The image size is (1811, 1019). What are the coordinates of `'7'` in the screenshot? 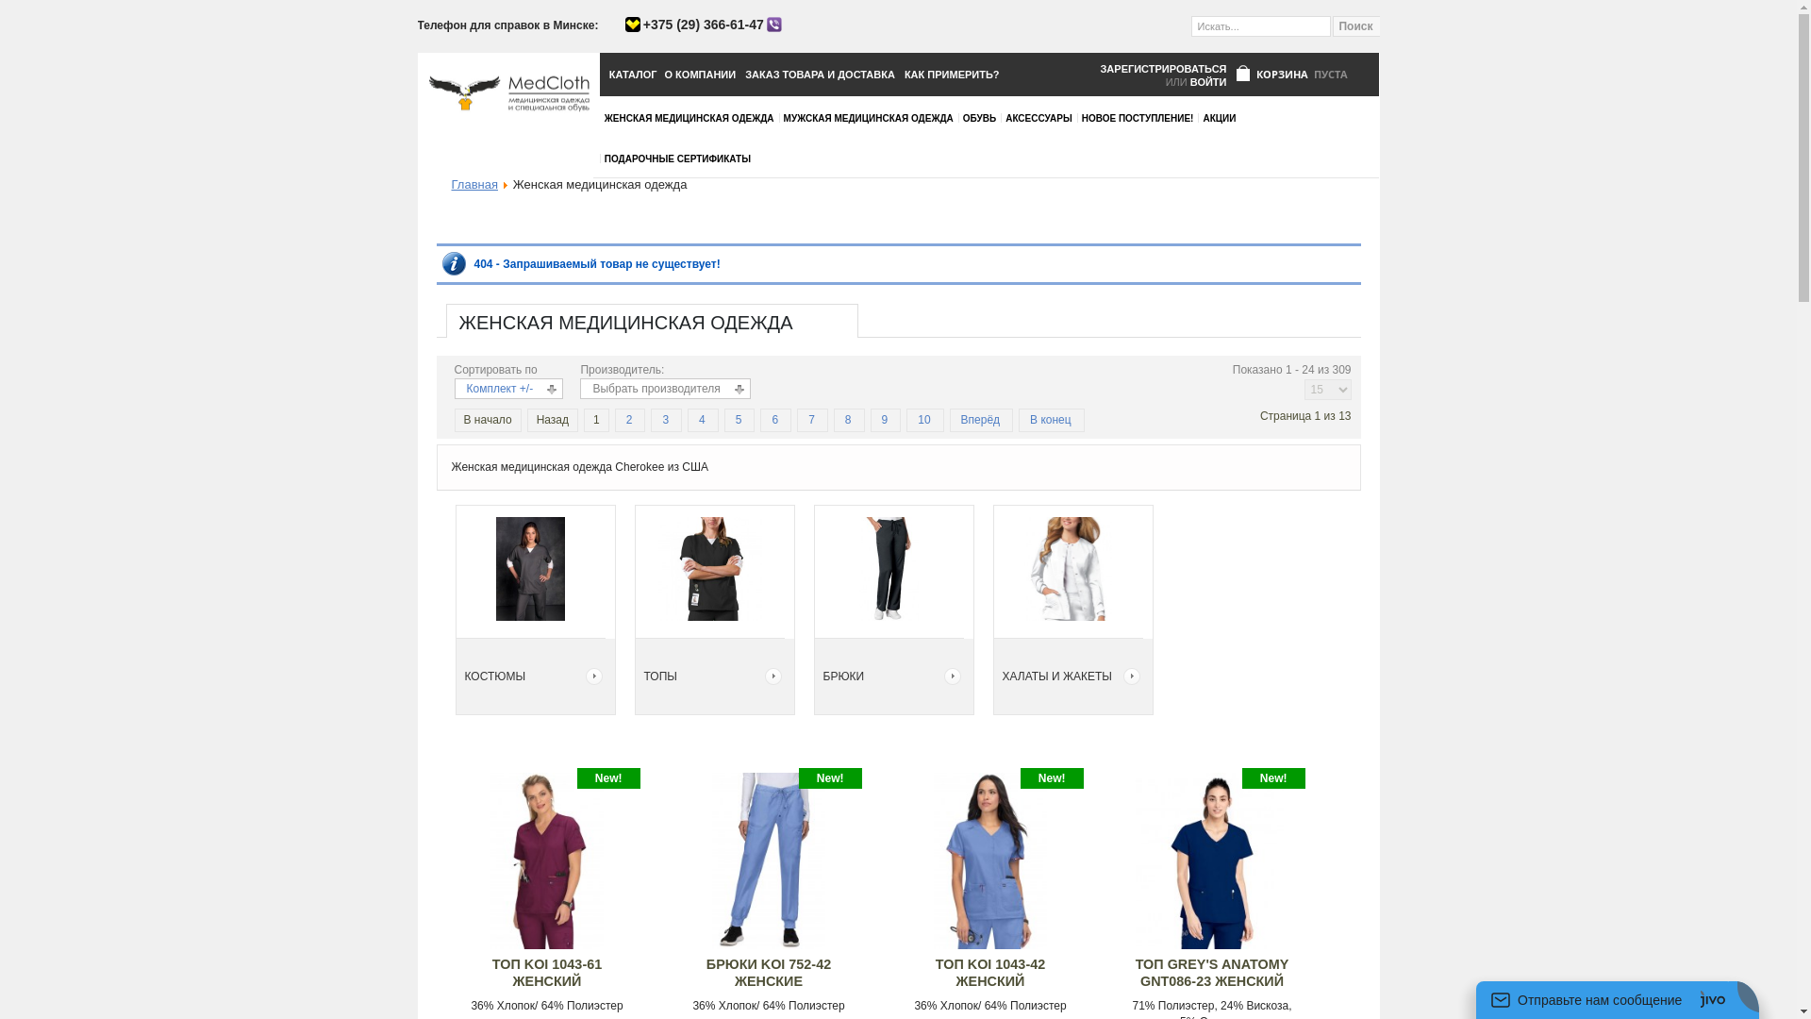 It's located at (811, 418).